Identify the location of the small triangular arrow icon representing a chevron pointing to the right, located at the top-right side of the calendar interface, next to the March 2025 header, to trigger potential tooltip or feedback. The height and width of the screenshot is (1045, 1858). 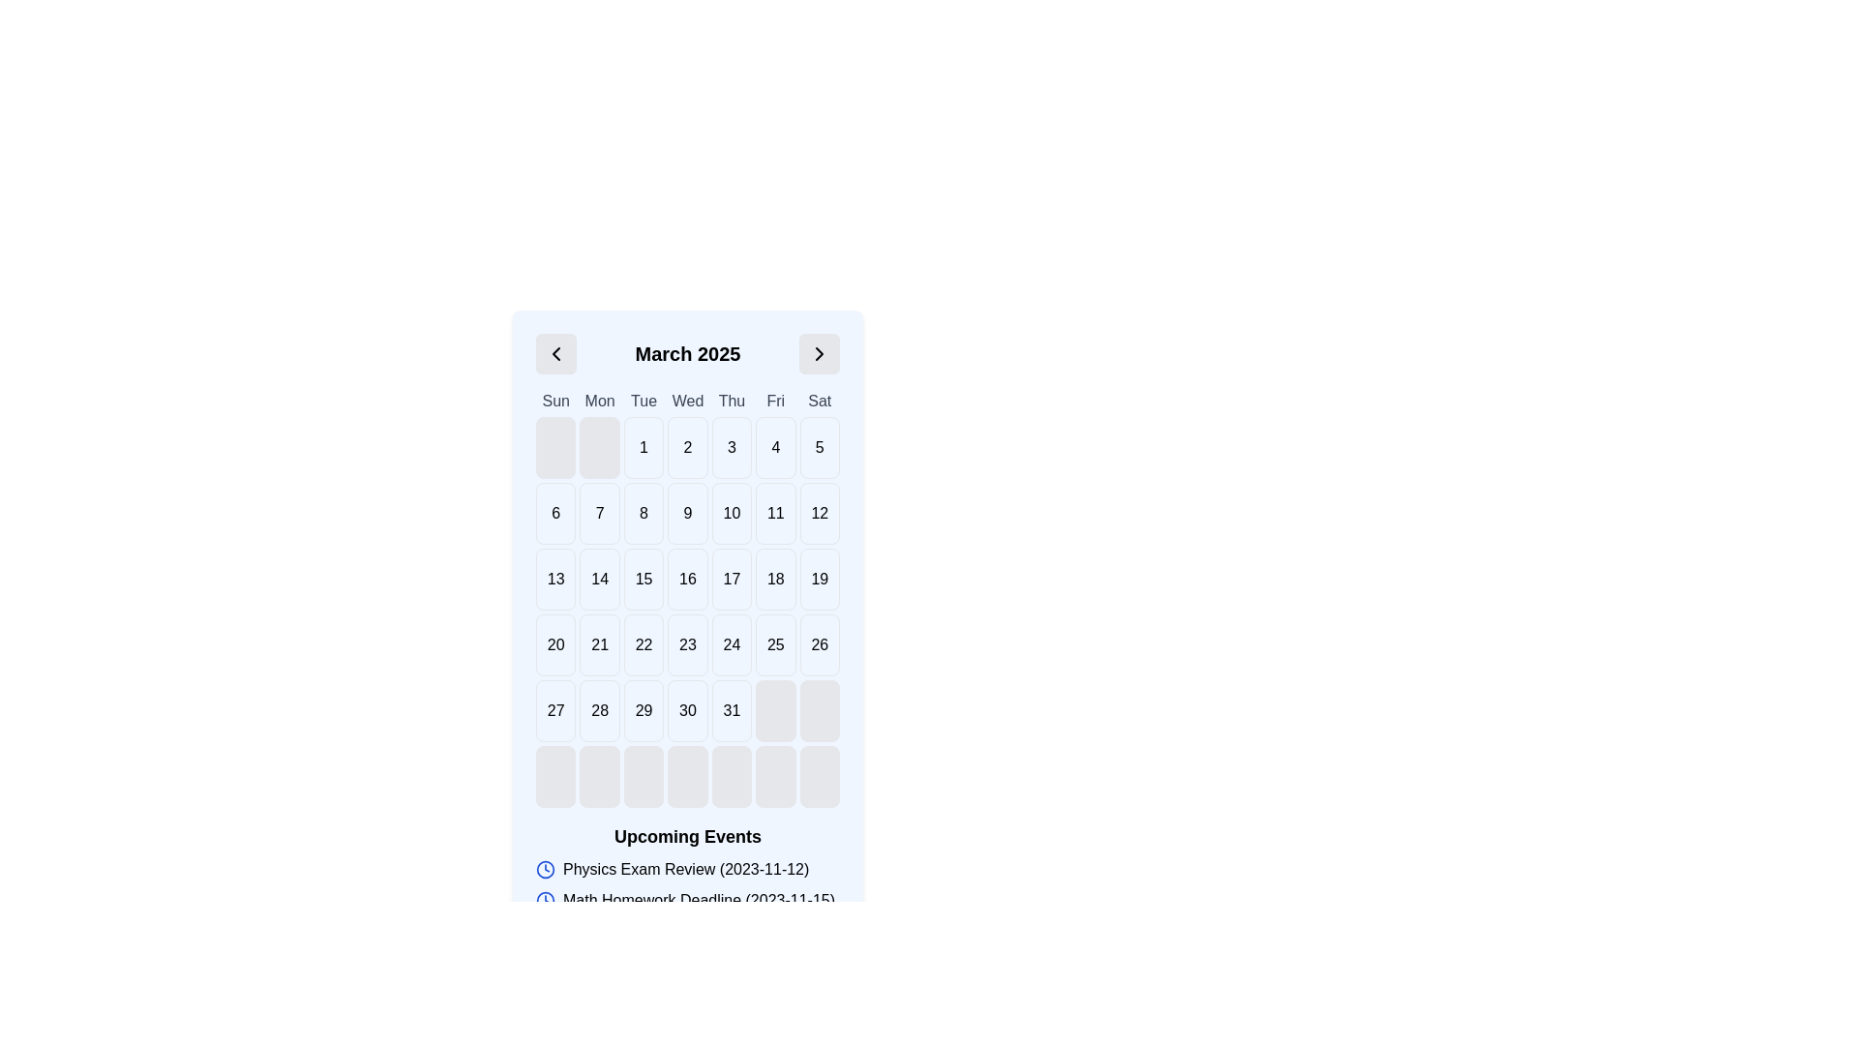
(819, 354).